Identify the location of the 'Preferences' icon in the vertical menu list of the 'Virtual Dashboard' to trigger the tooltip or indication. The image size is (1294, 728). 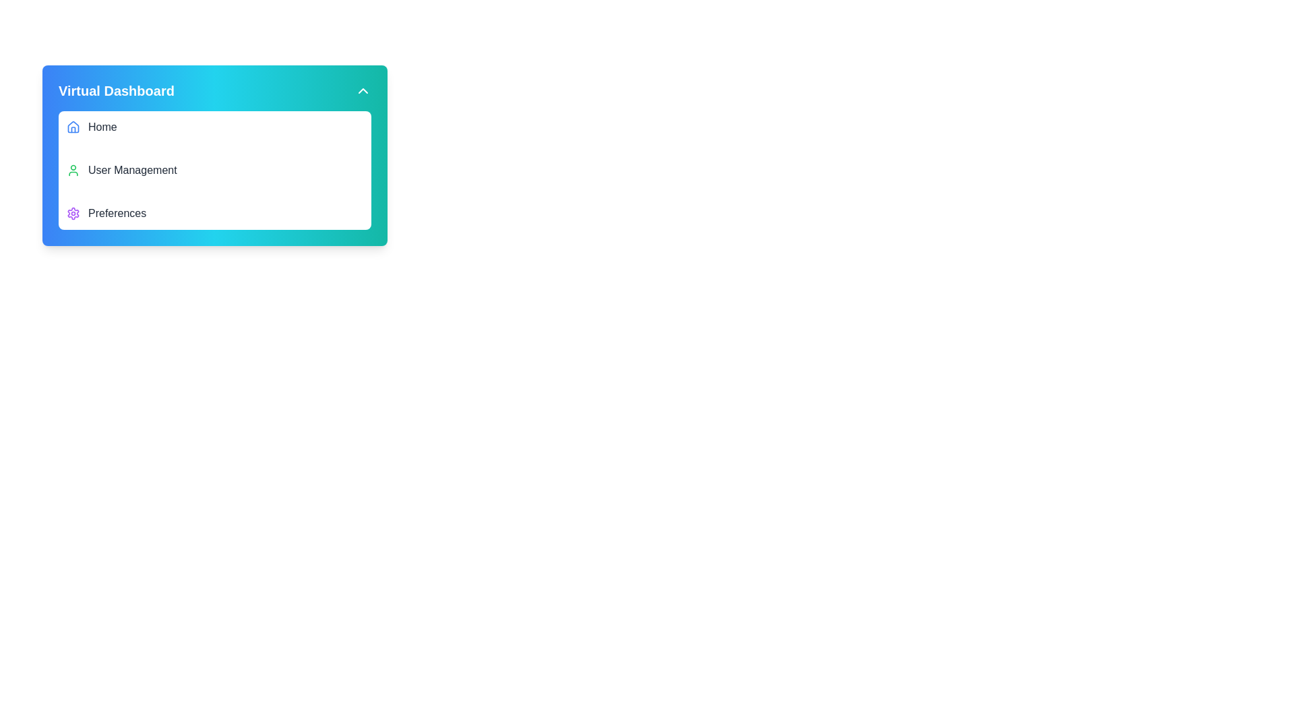
(73, 212).